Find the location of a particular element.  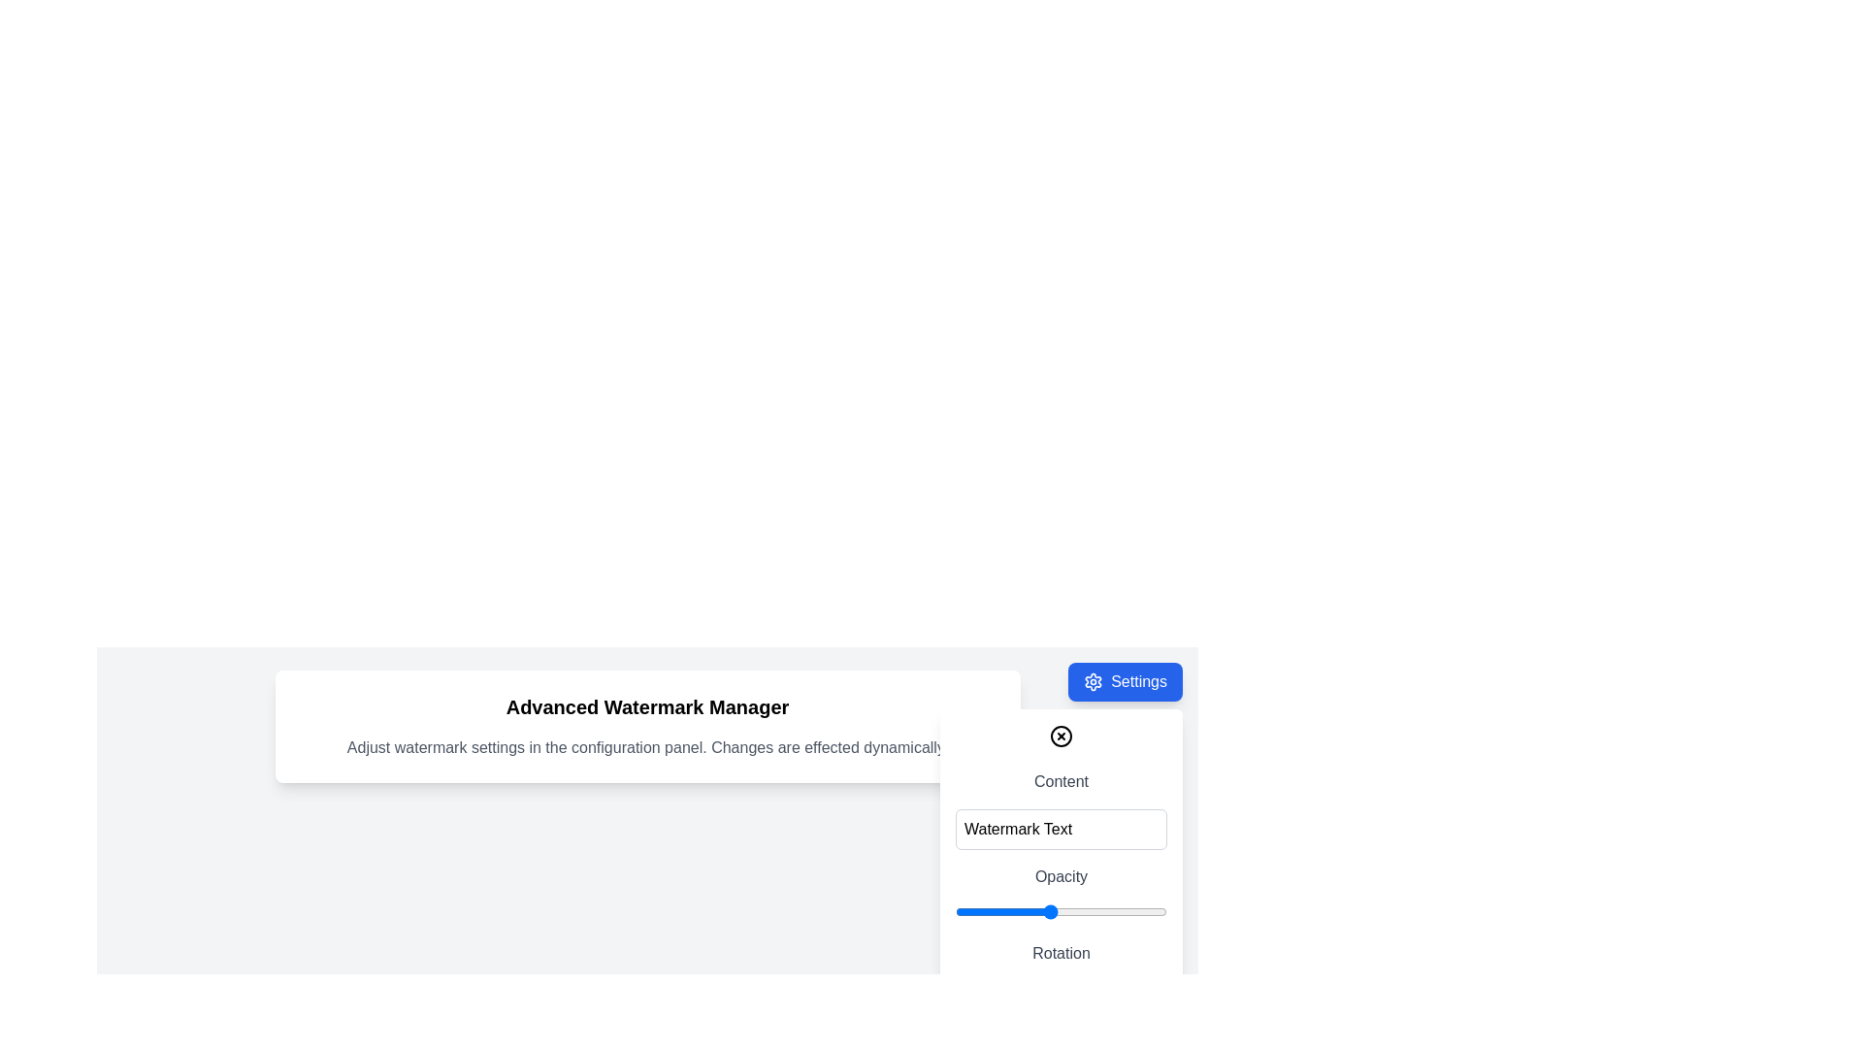

the settings icon, which is located to the left of the 'Settings' text within a blue rounded button in the top-right corner of the page is located at coordinates (1094, 680).